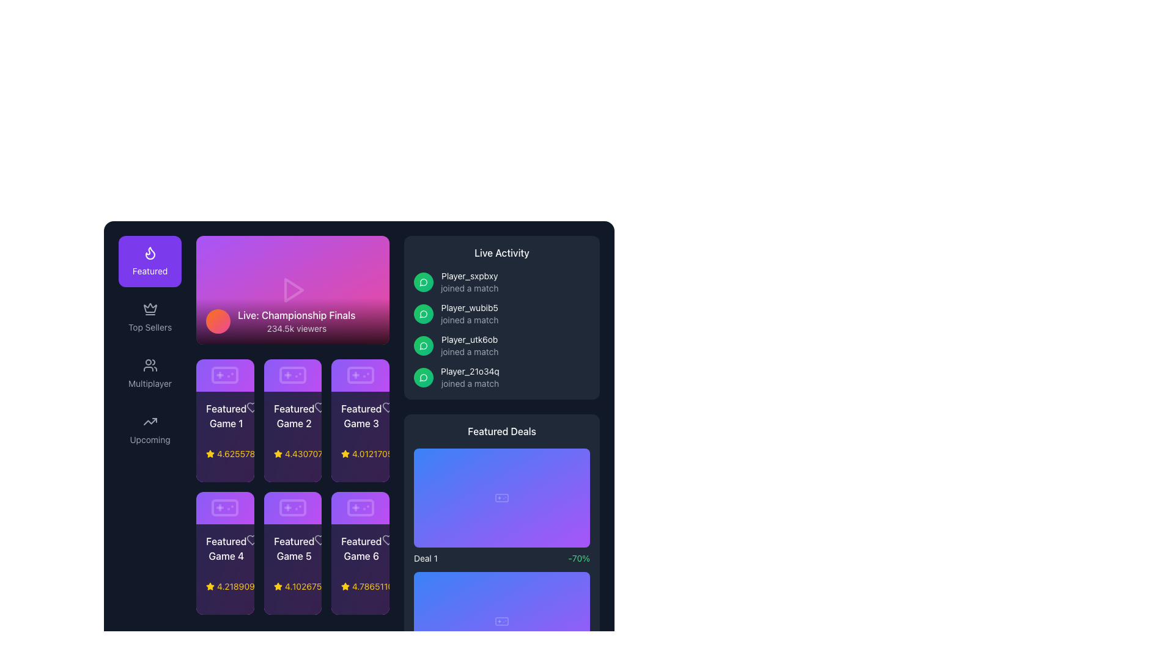  What do you see at coordinates (469, 351) in the screenshot?
I see `the text label indicating the activity status of the player, which states that the player has joined a match, located below 'Player_utk6ob' in the 'Live Activity' panel` at bounding box center [469, 351].